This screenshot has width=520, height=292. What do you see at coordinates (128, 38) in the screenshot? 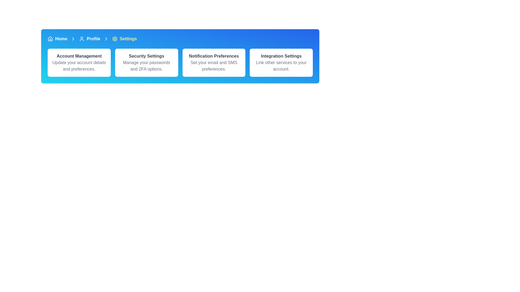
I see `the bold 'Settings' label located in the upper navigation bar, which is adjacent to a gear icon` at bounding box center [128, 38].